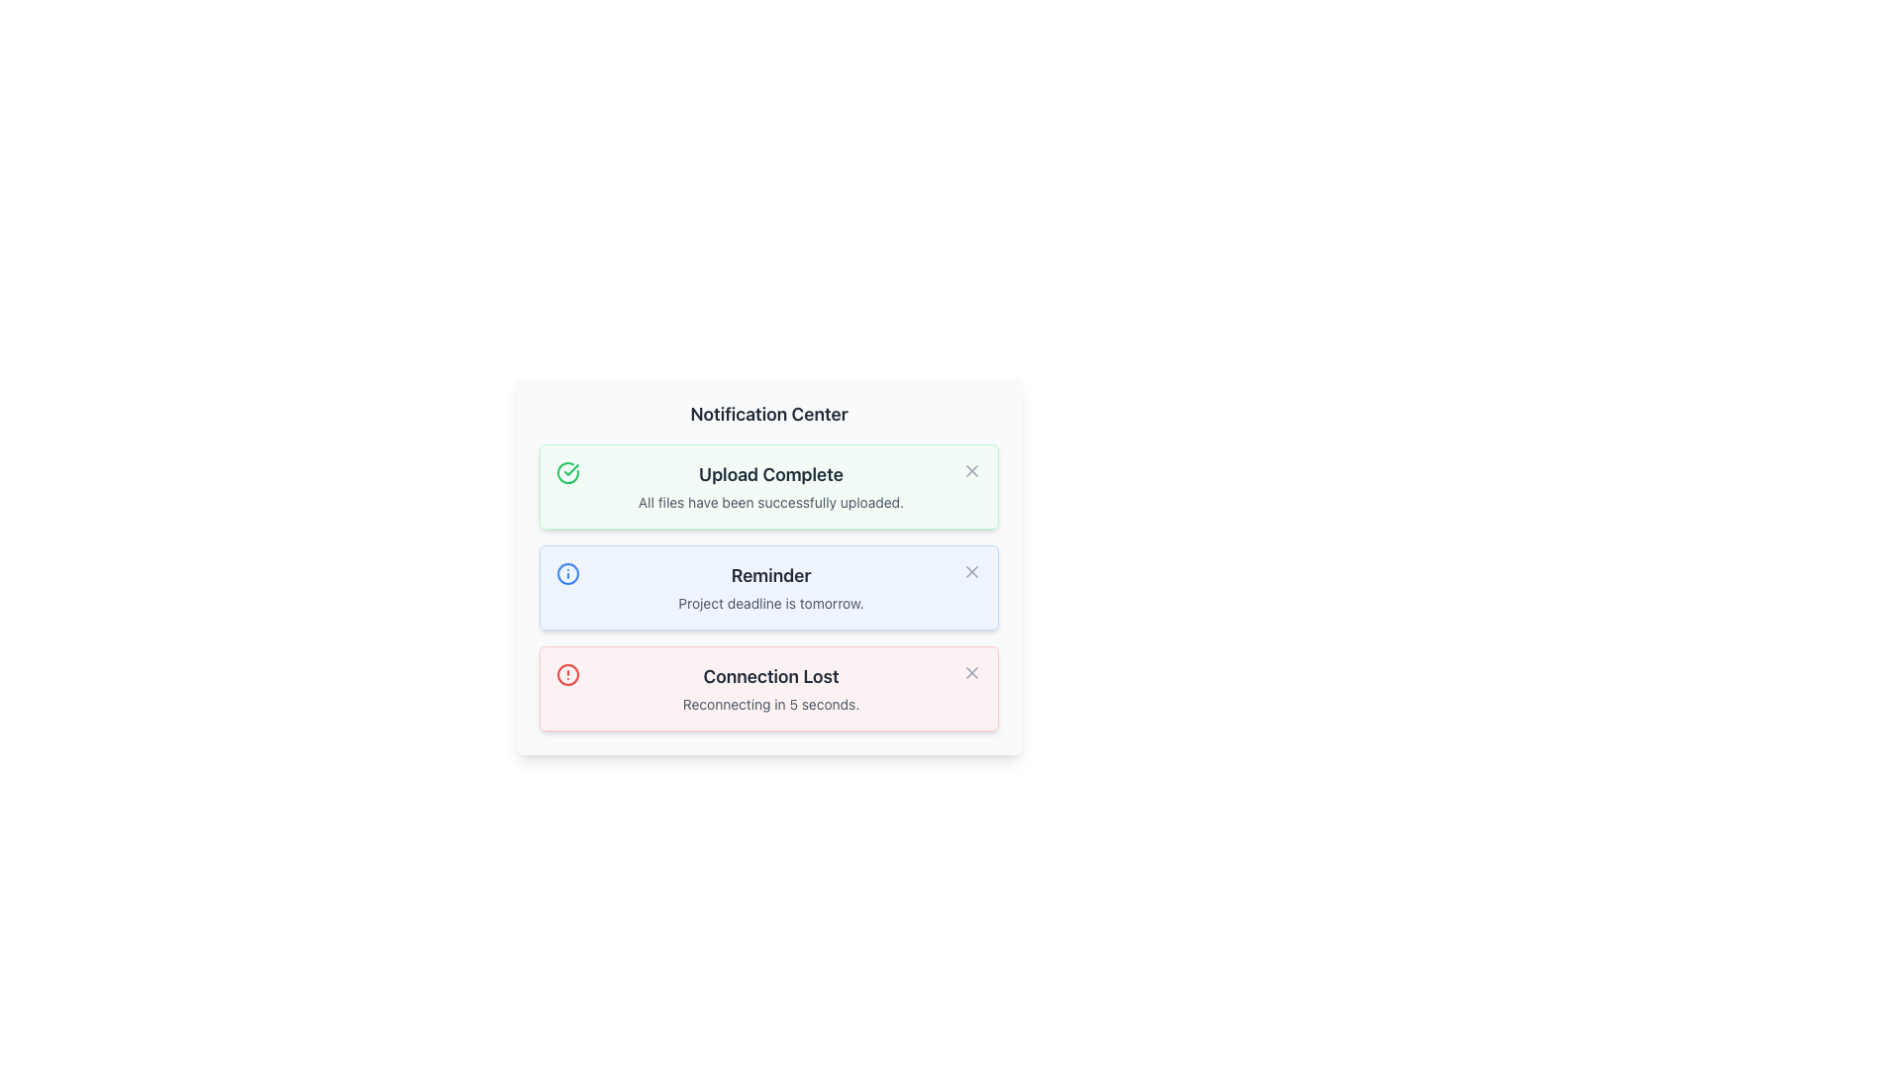 The image size is (1901, 1069). I want to click on the dismiss button located on the rightmost side of the 'Reminder: Project deadline is tomorrow' notification, so click(965, 572).